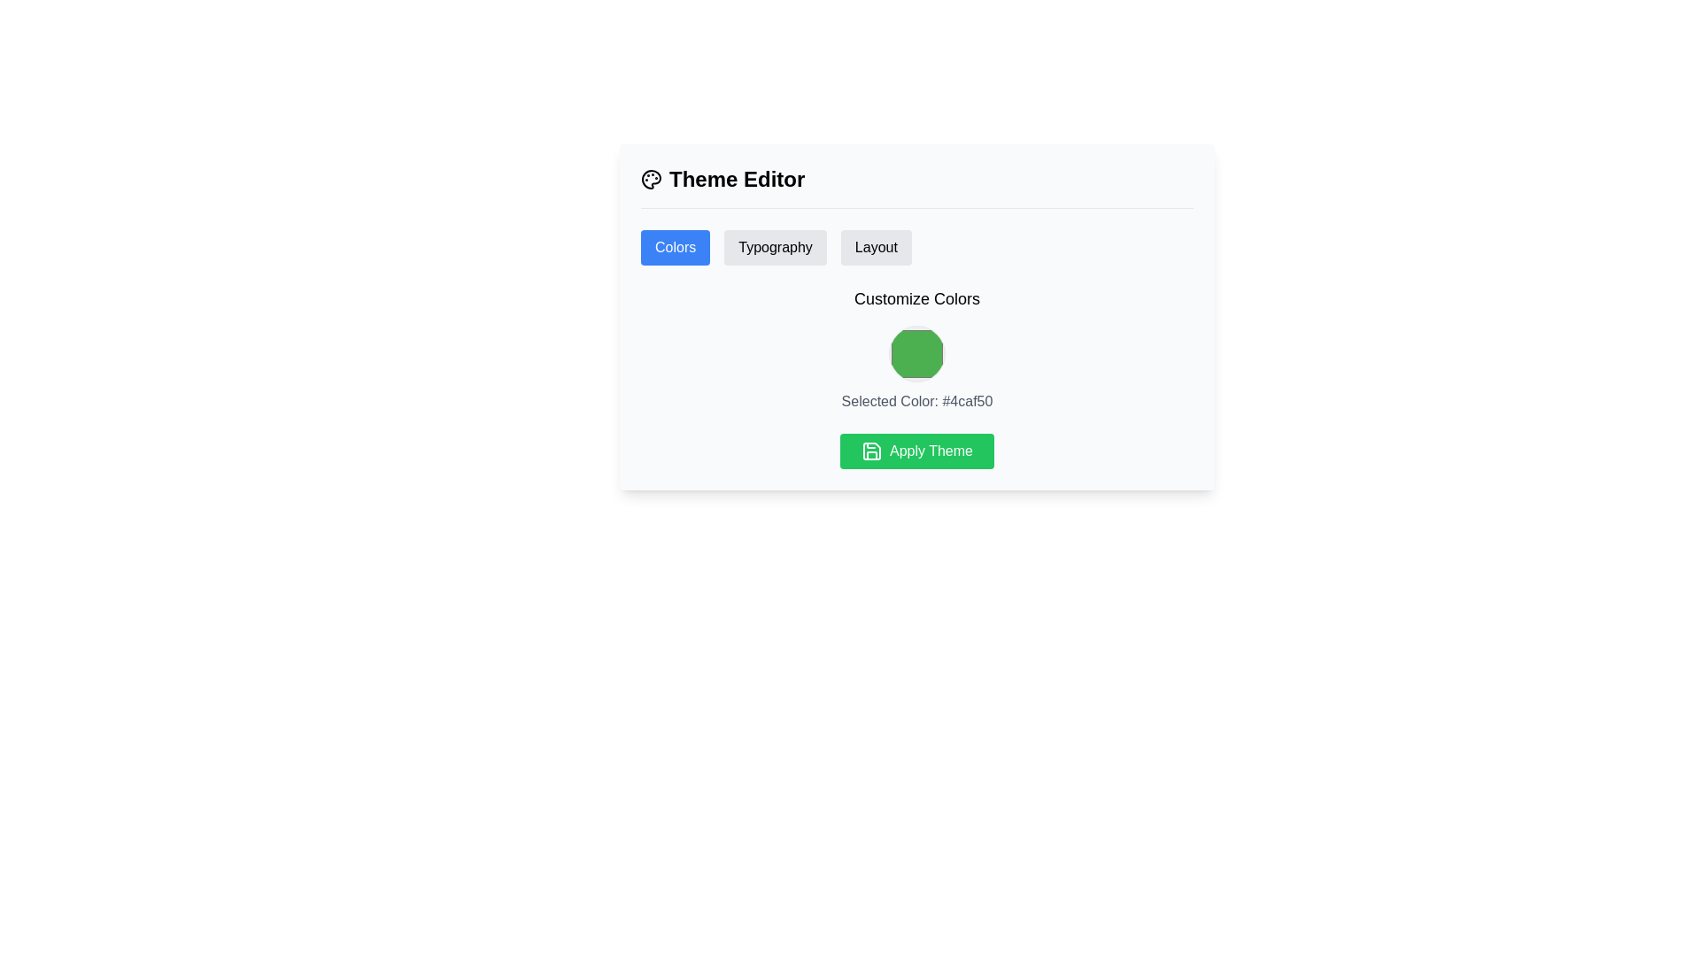 This screenshot has width=1700, height=956. What do you see at coordinates (876, 248) in the screenshot?
I see `the navigation button located as the third item in a horizontal row beneath the 'Theme Editor' header to switch to the layout section` at bounding box center [876, 248].